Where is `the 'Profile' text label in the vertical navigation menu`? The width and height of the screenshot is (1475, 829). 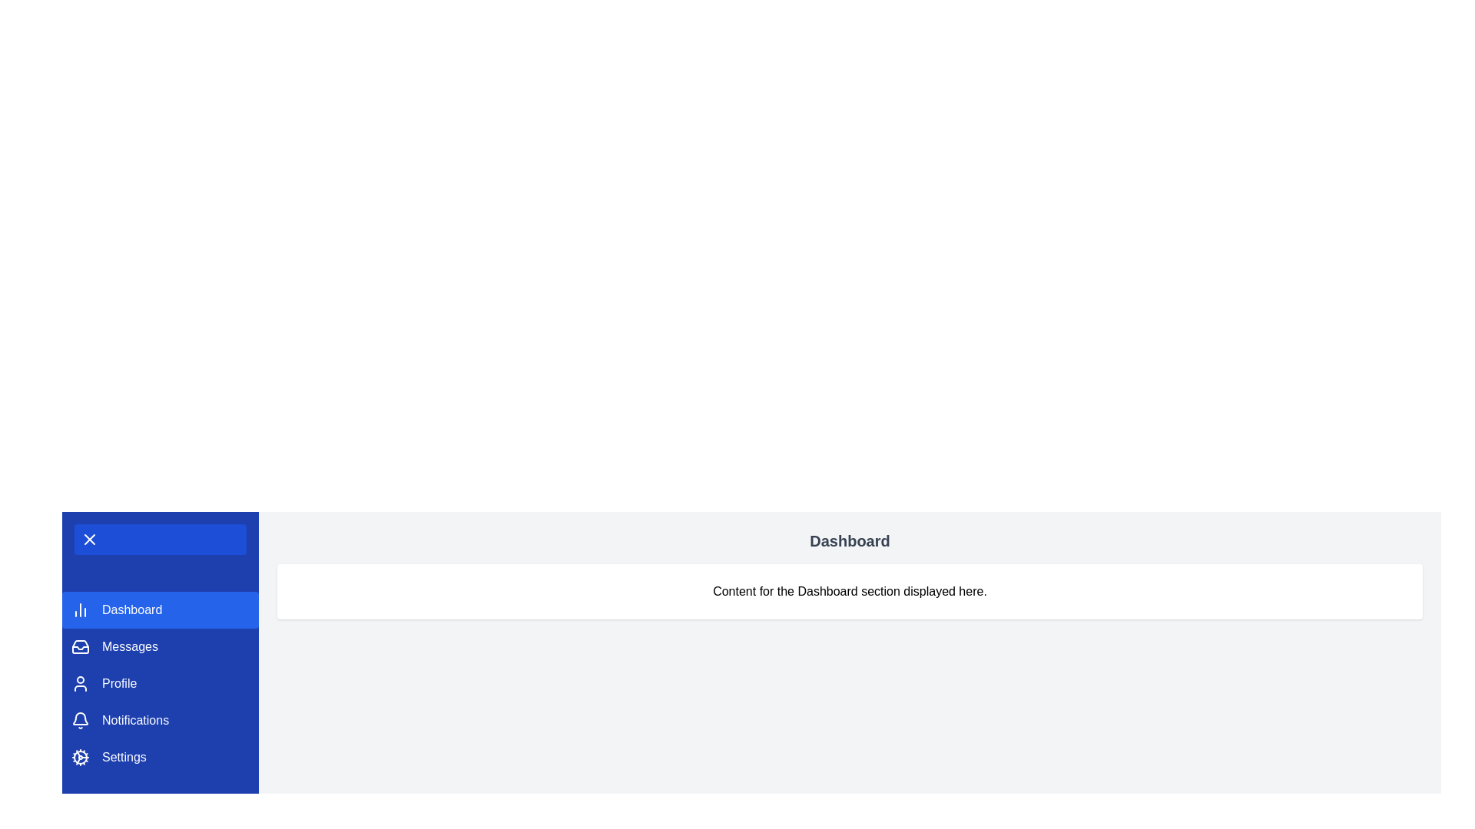 the 'Profile' text label in the vertical navigation menu is located at coordinates (118, 683).